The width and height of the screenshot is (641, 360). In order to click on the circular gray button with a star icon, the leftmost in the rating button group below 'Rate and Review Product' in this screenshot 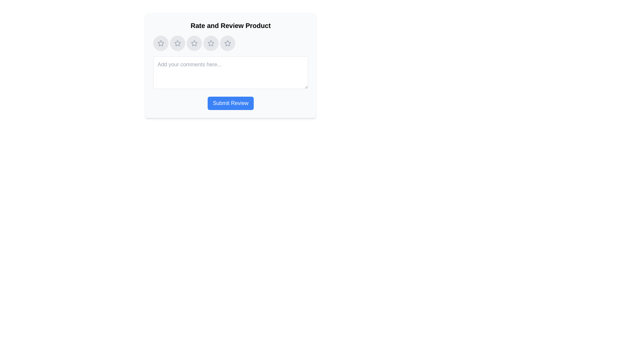, I will do `click(161, 43)`.